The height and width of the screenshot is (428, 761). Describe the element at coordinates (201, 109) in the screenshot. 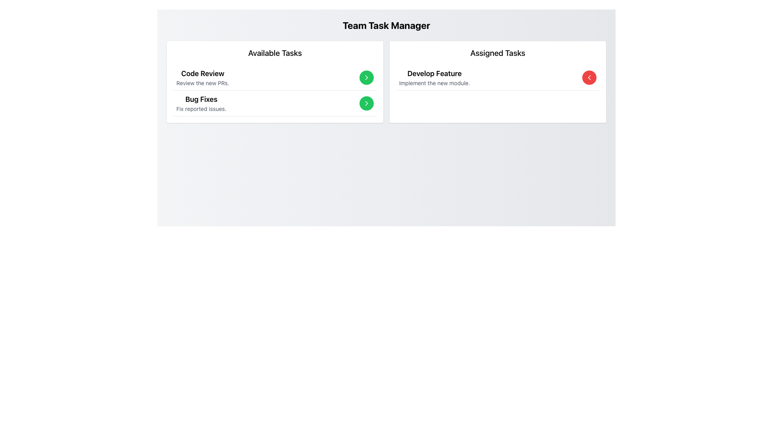

I see `text element located beneath the 'Bug Fixes' heading in the 'Available Tasks' section, which provides clarification about the task's requirements` at that location.